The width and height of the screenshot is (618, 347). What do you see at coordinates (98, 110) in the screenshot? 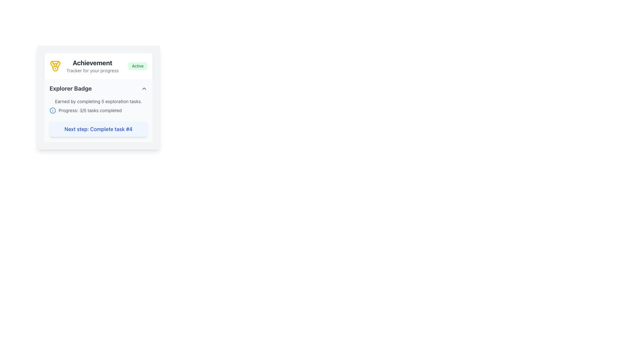
I see `the informational text element located beneath the text 'Earned by completing 5 exploration tasks.'` at bounding box center [98, 110].